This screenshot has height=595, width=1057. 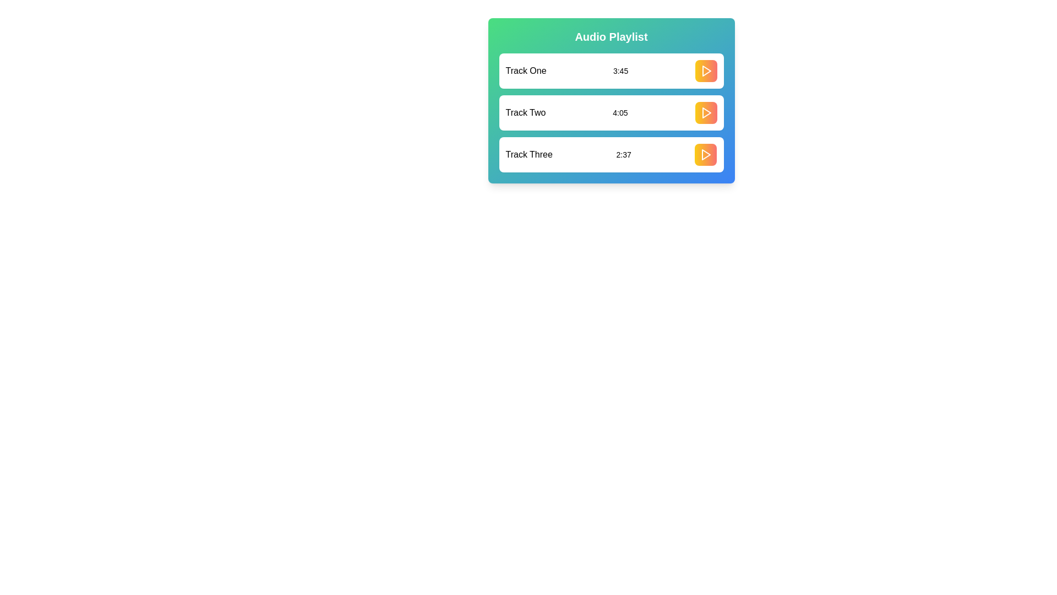 I want to click on the play icon located inside the first track's play button in the audio playlist interface, so click(x=706, y=71).